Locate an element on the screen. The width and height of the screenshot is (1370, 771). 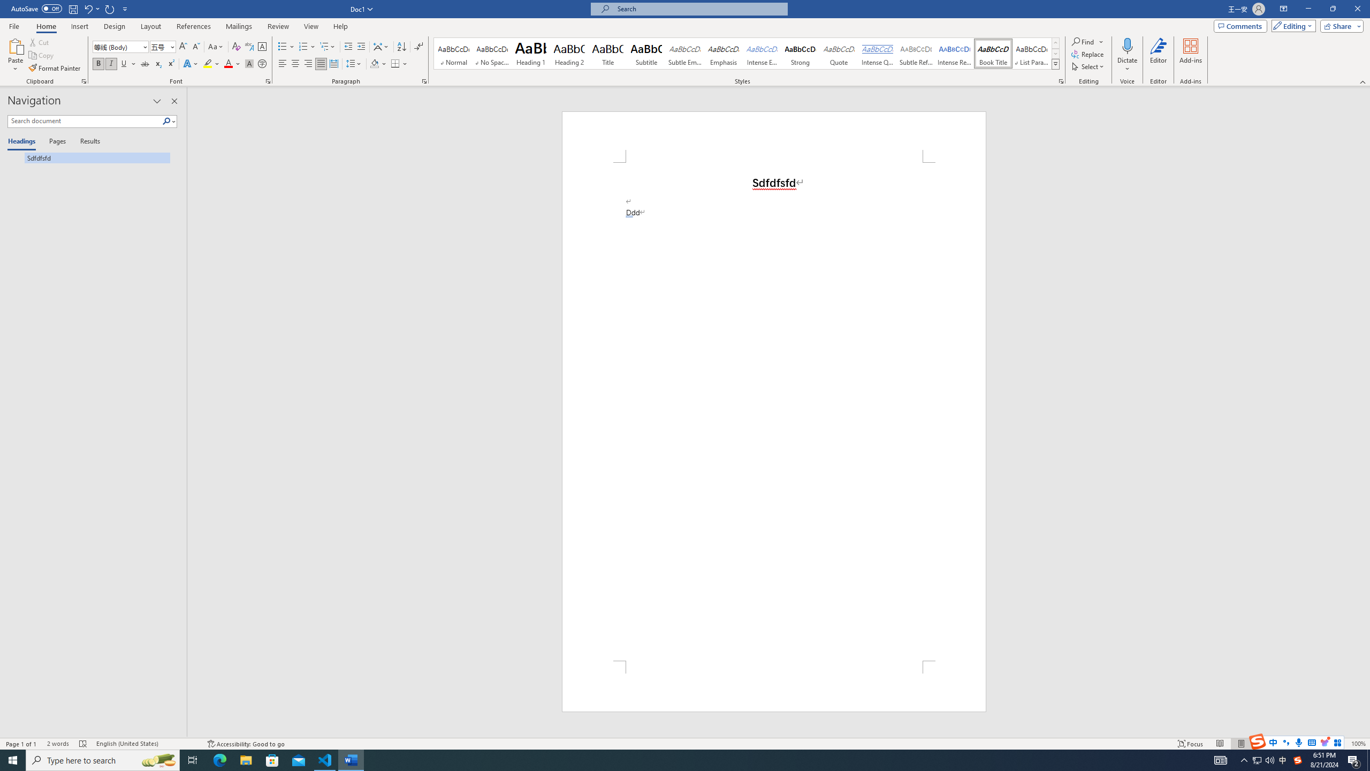
'Numbering' is located at coordinates (307, 47).